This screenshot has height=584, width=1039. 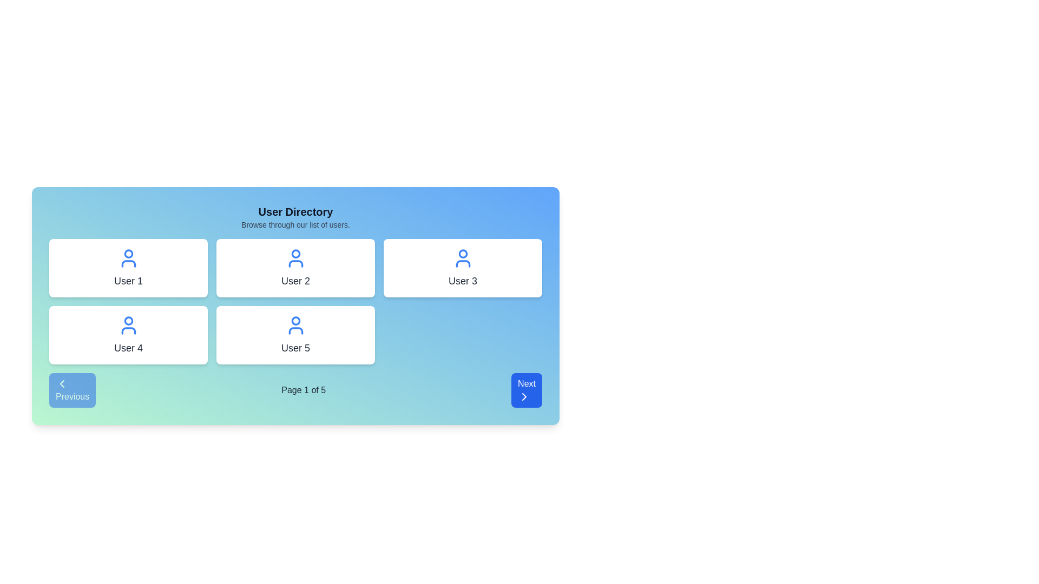 What do you see at coordinates (128, 281) in the screenshot?
I see `the text label displaying 'User 1', which is located in the top-left card of a 3-column grid layout` at bounding box center [128, 281].